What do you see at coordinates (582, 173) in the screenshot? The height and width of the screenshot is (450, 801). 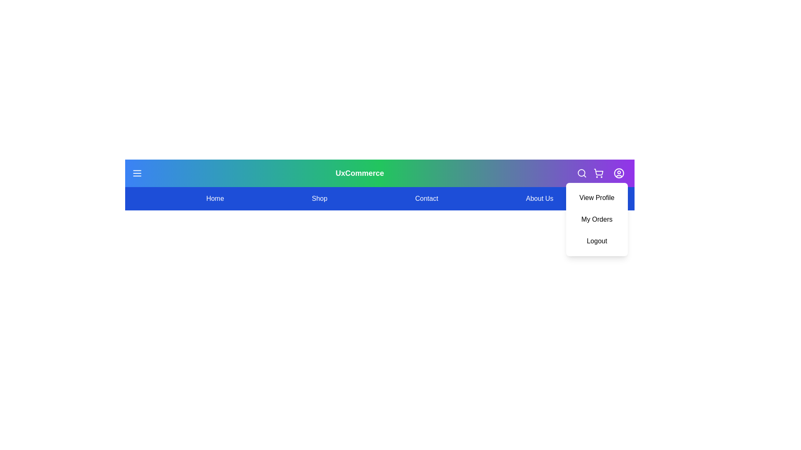 I see `the search icon to initiate the search action` at bounding box center [582, 173].